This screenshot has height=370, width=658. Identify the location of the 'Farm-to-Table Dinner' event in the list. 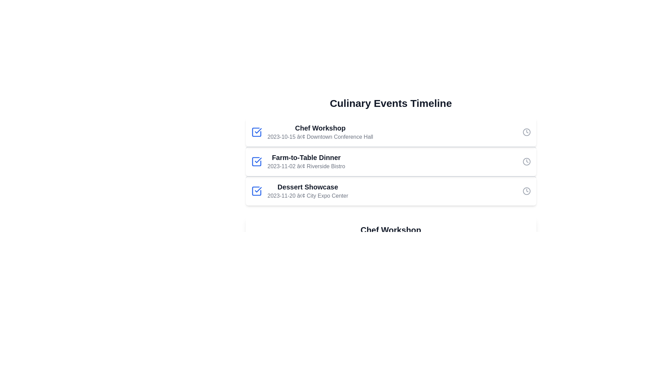
(298, 161).